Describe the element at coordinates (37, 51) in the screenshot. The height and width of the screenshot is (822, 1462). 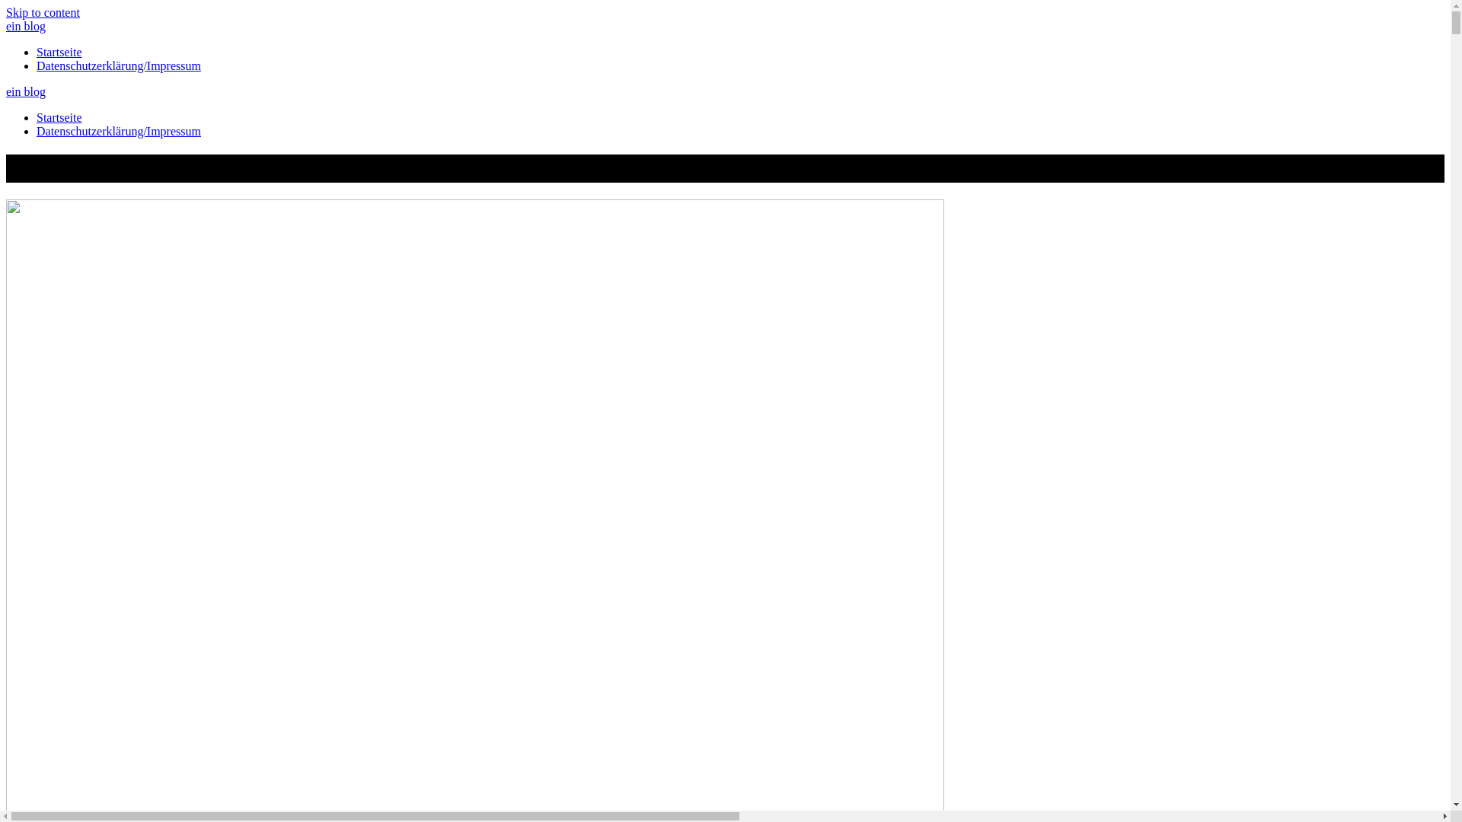
I see `'Startseite'` at that location.